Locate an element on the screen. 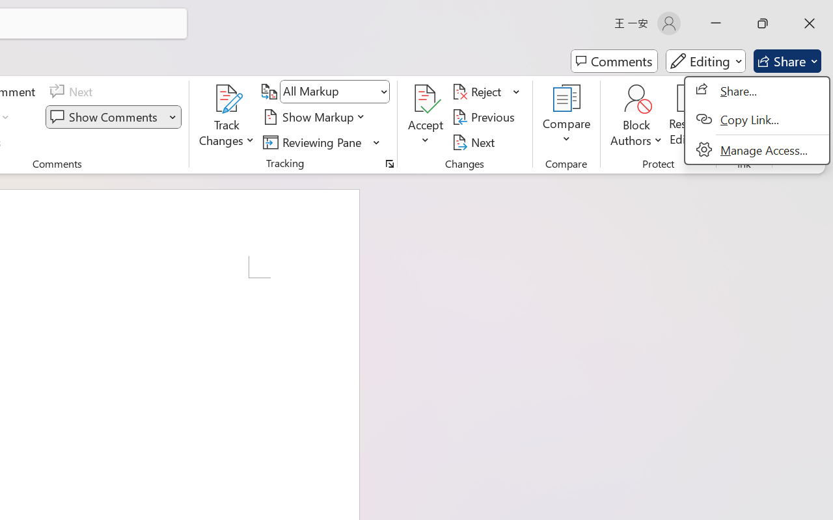  'Show Comments' is located at coordinates (113, 116).